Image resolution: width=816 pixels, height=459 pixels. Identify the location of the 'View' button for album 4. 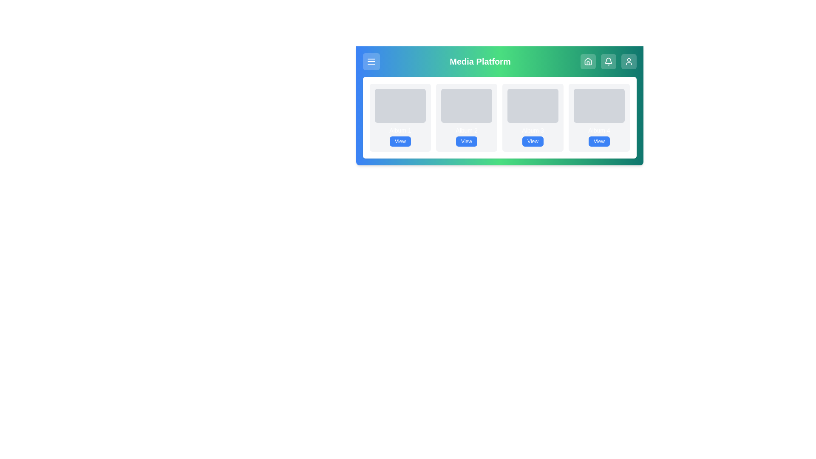
(599, 141).